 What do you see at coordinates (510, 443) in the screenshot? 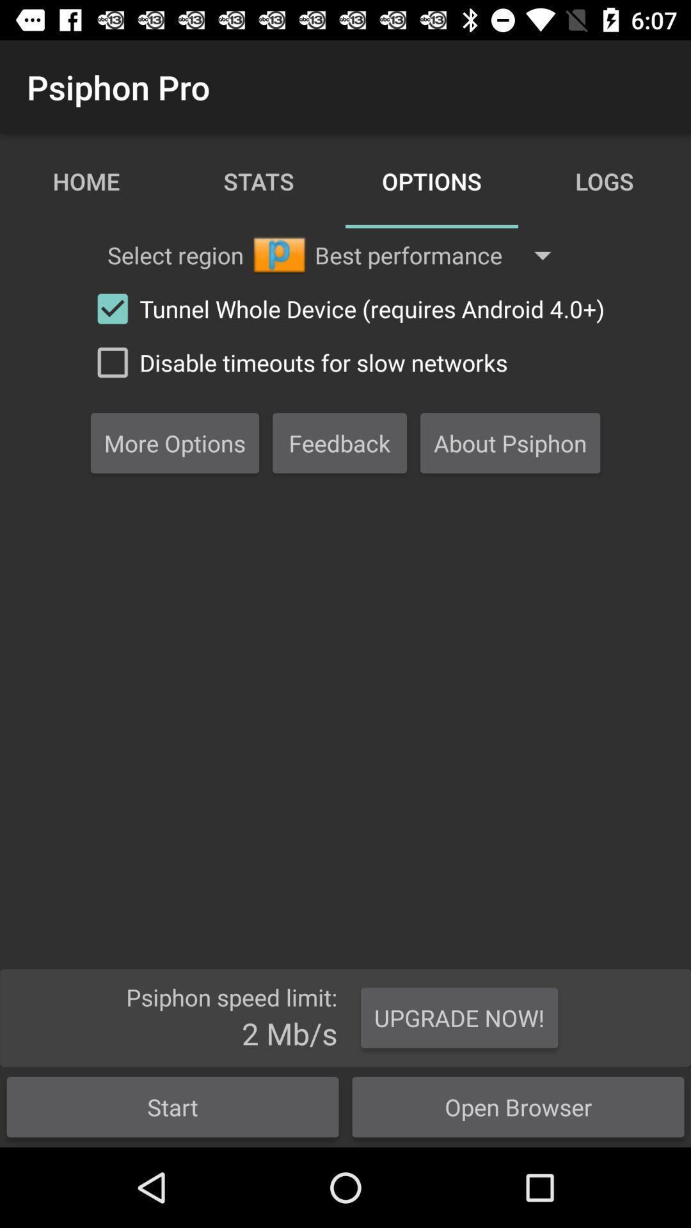
I see `the third box from middle of the image` at bounding box center [510, 443].